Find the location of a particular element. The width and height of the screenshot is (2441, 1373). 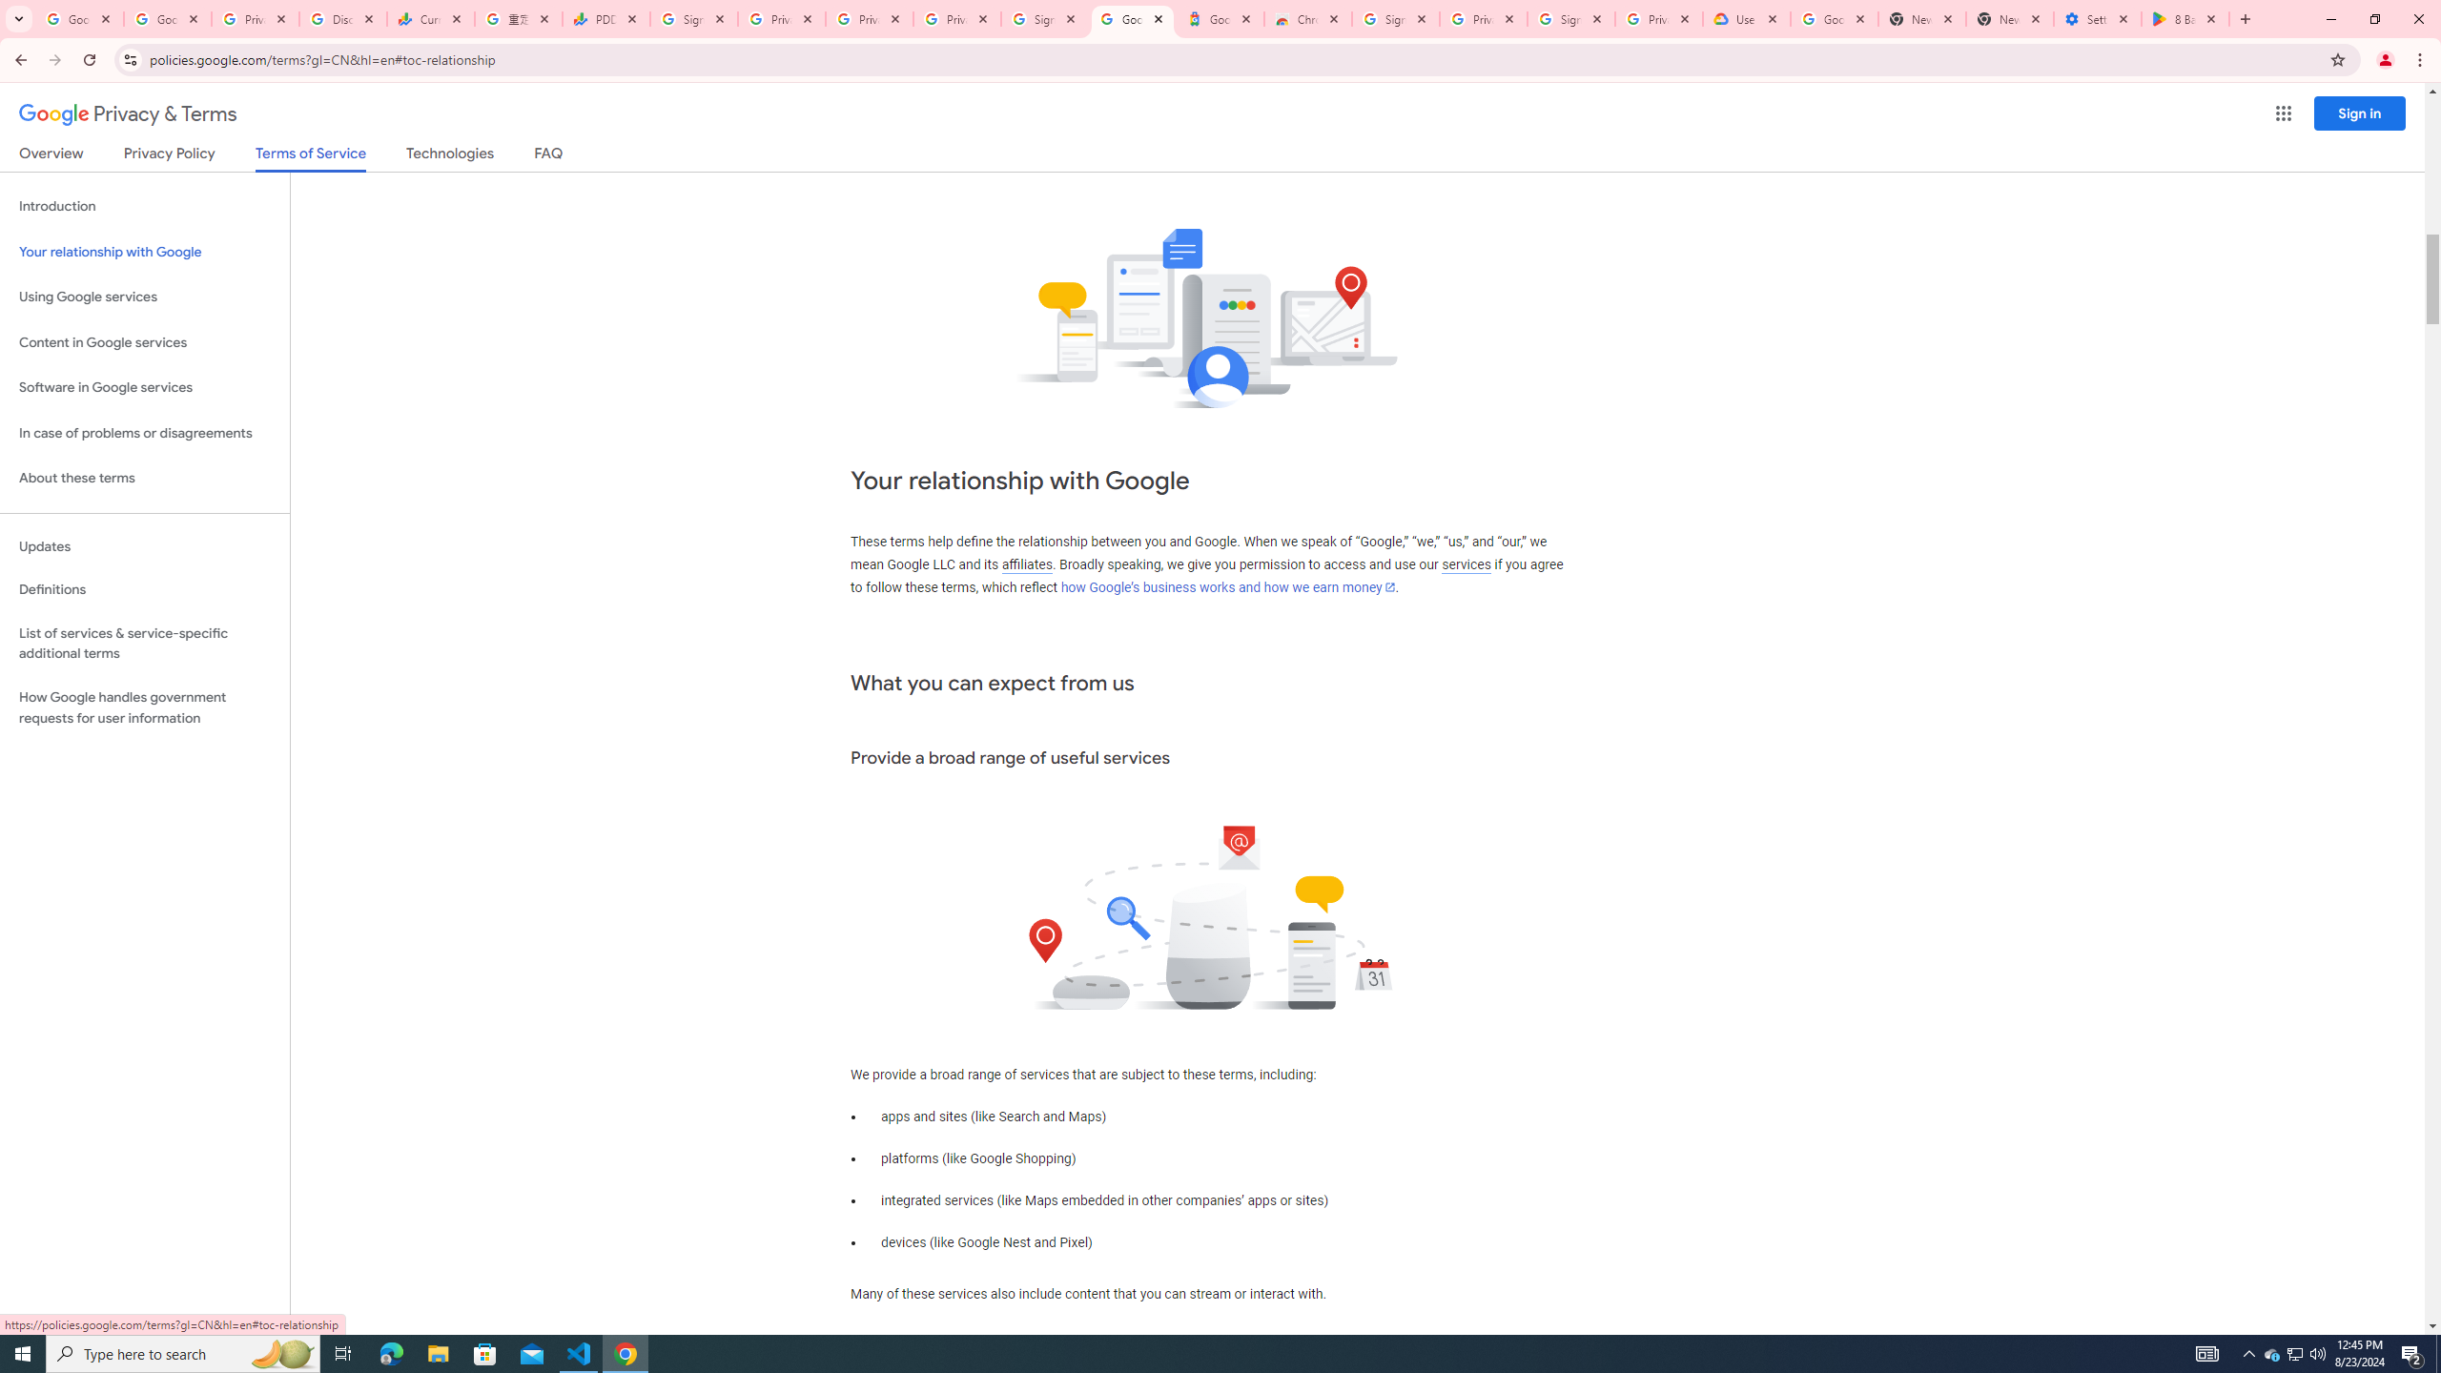

'Definitions' is located at coordinates (144, 589).